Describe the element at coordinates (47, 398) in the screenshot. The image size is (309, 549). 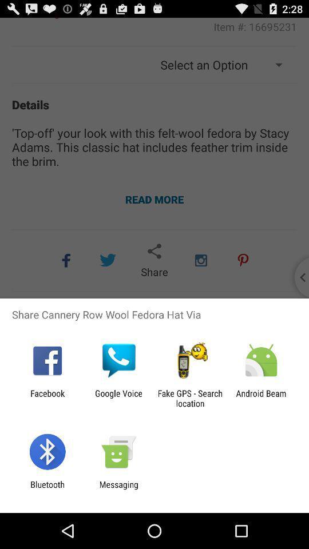
I see `the facebook item` at that location.